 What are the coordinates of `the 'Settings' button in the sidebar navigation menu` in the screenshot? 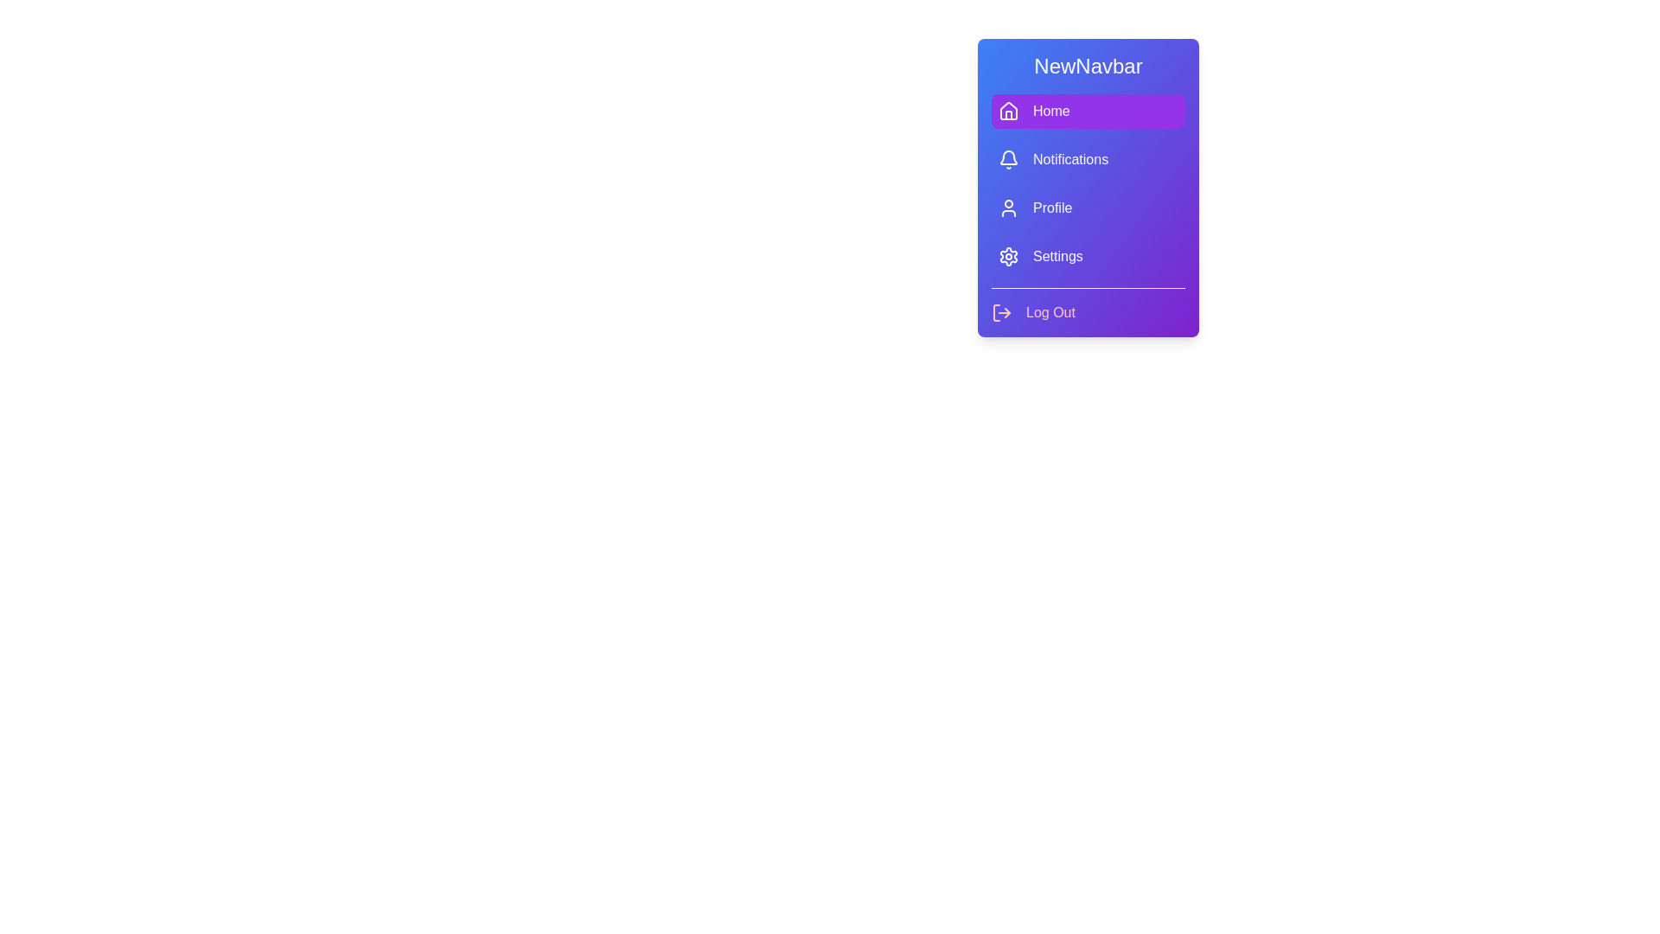 It's located at (1087, 257).